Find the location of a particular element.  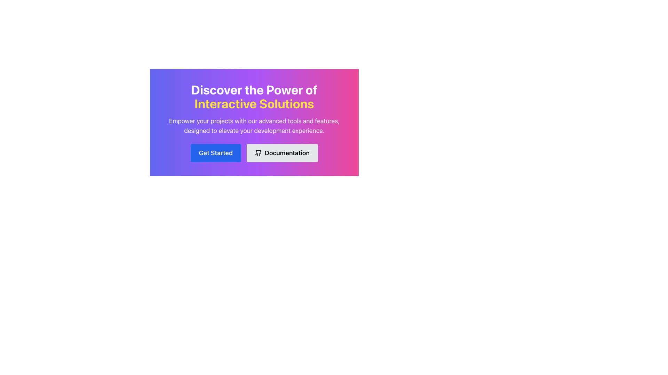

the descriptive text element that provides additional information about the offerings, located below the header 'Discover the Power of Interactive Solutions' is located at coordinates (254, 126).